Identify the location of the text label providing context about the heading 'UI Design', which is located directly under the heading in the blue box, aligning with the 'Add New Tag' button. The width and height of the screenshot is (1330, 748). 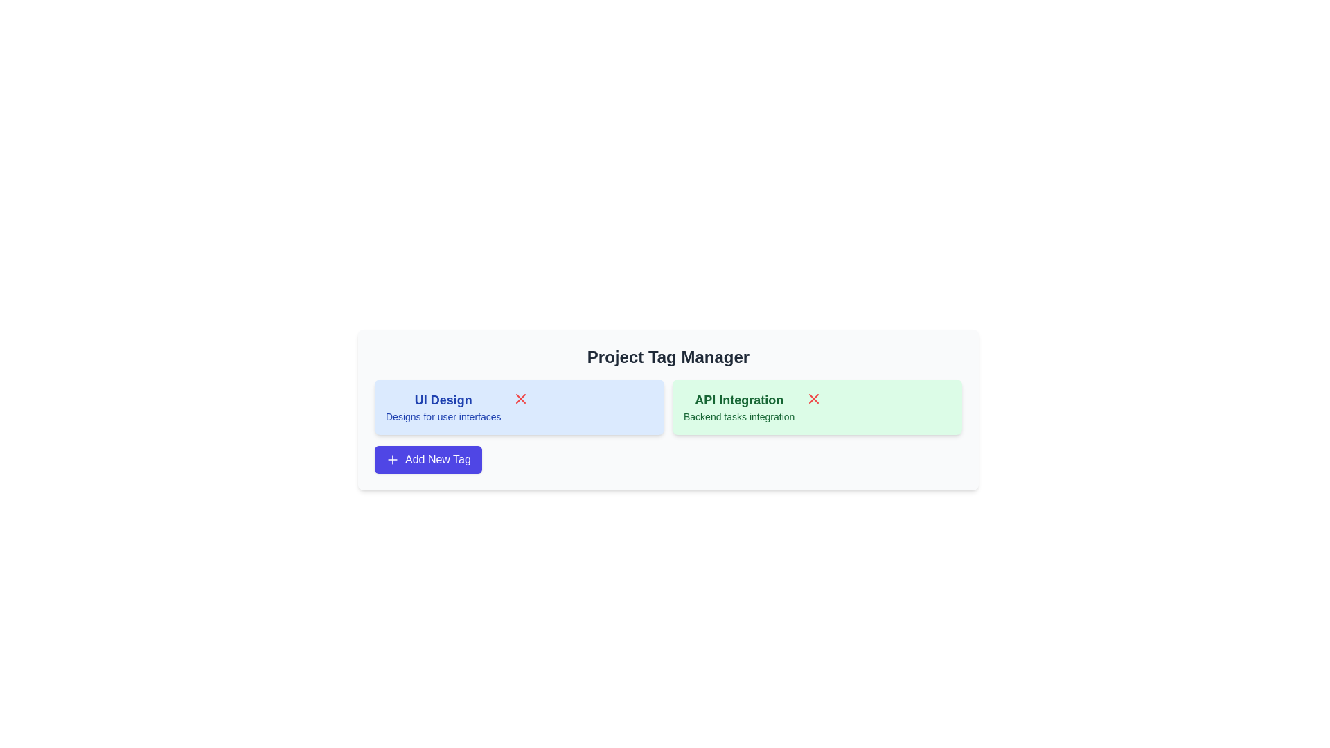
(443, 416).